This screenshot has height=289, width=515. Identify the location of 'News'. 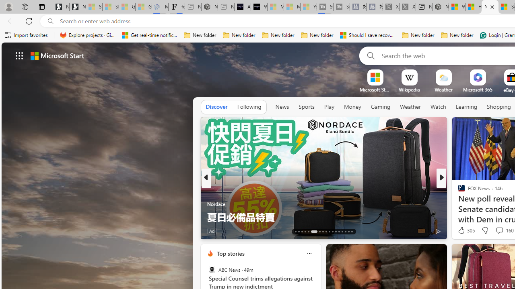
(282, 106).